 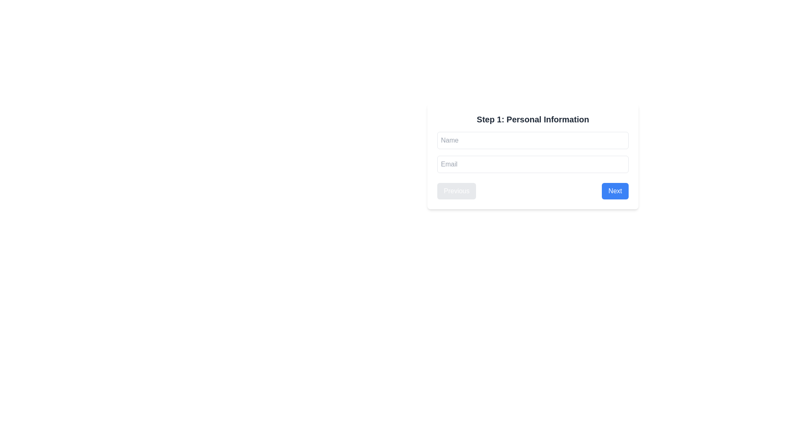 I want to click on the email input field located below the 'Name' input field, so click(x=533, y=164).